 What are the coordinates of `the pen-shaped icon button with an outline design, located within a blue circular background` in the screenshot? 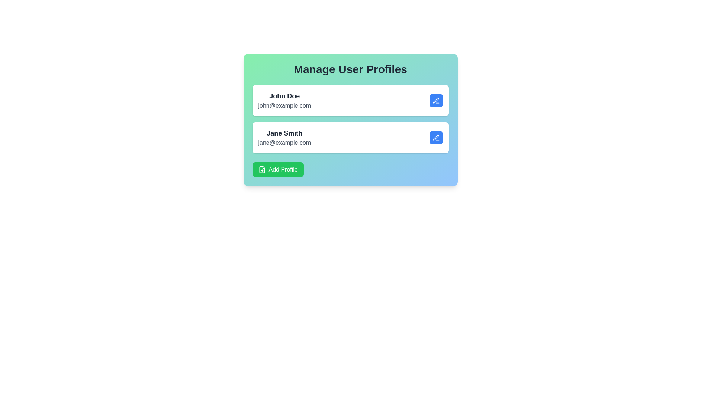 It's located at (436, 137).